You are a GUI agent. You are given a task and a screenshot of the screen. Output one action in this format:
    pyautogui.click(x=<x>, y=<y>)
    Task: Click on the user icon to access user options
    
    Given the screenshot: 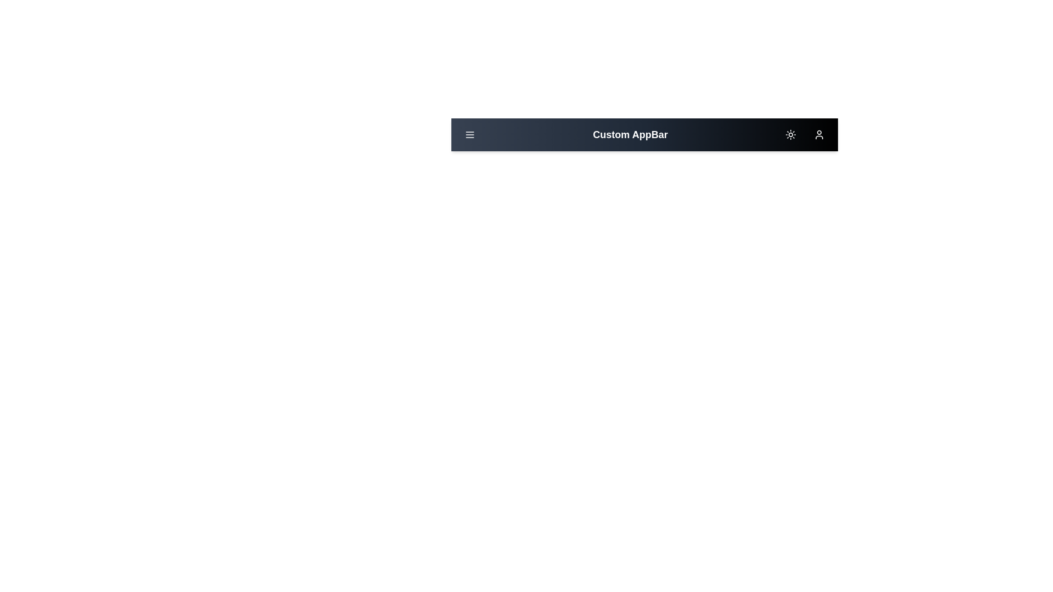 What is the action you would take?
    pyautogui.click(x=819, y=134)
    